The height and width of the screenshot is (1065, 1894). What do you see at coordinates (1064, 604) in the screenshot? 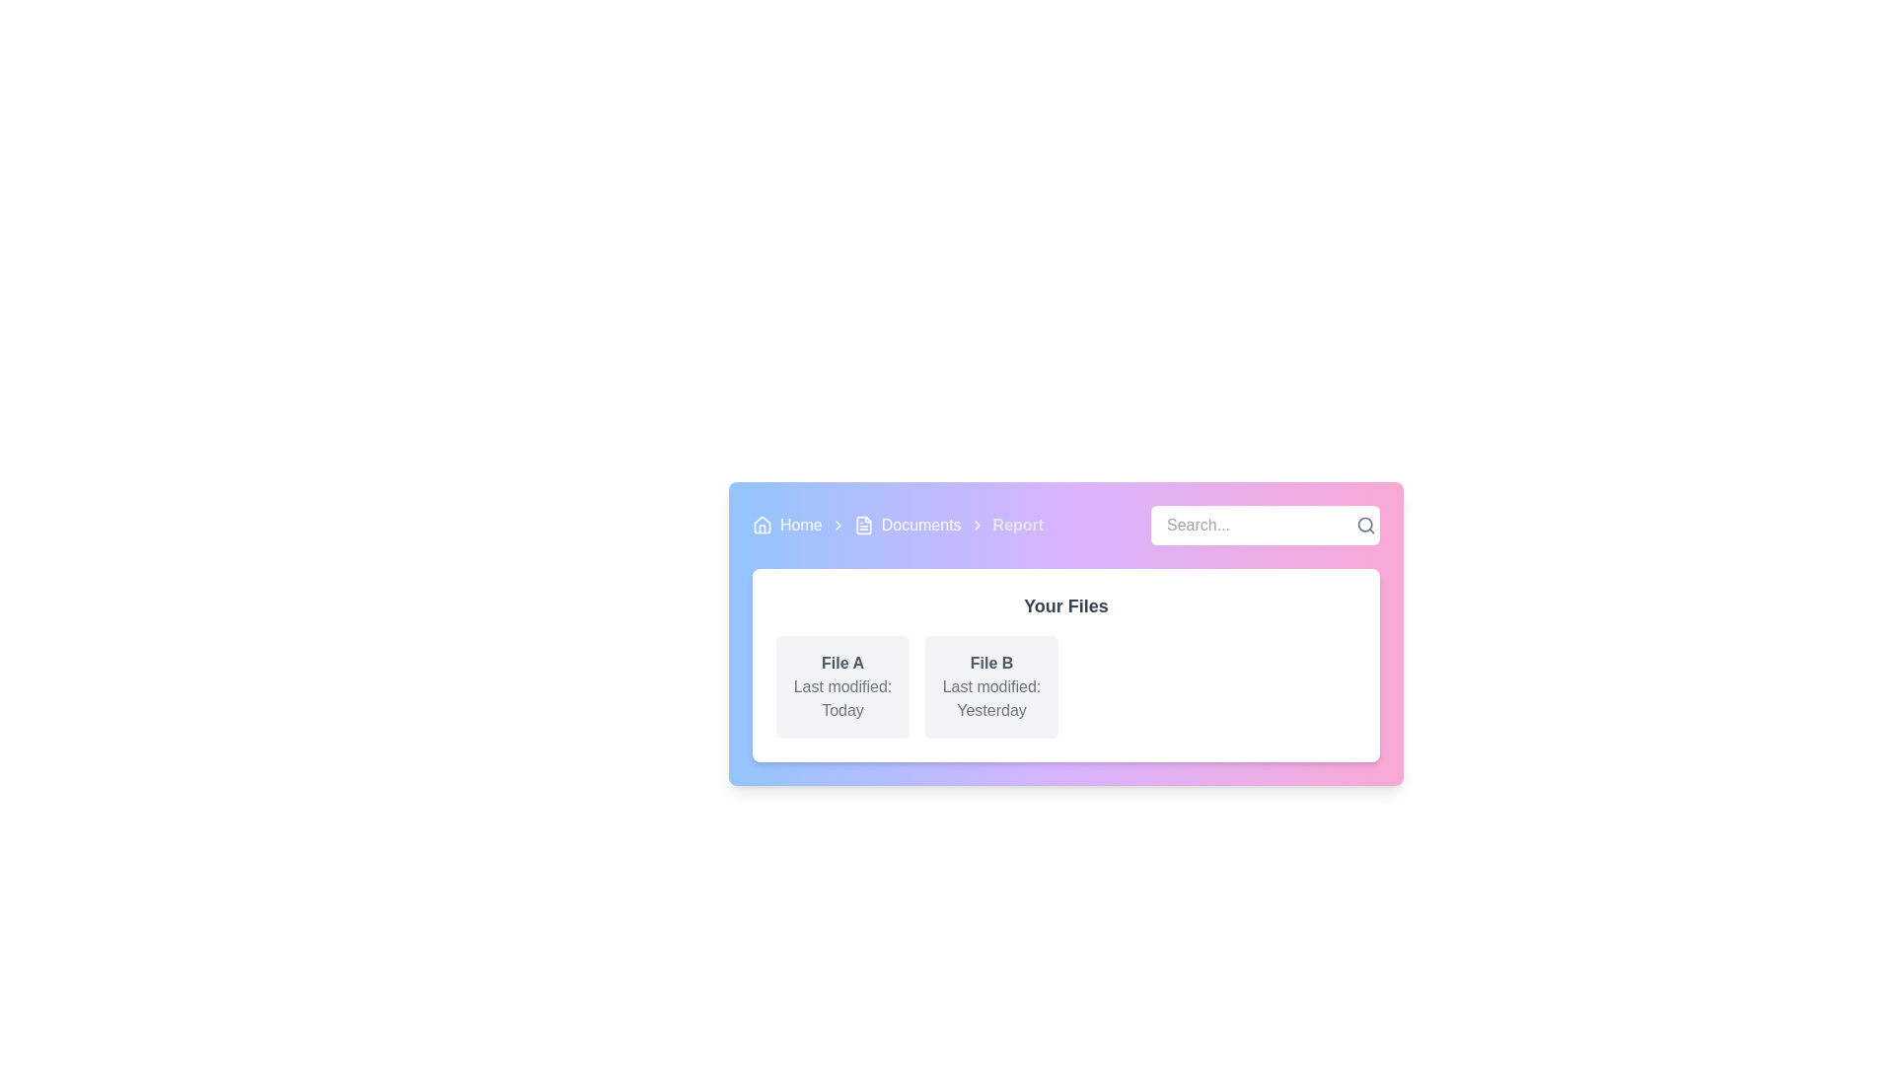
I see `the text label displaying 'Your Files', which is styled in bold gray font and positioned at the top of a white card, centered above 'File A' and 'File B'` at bounding box center [1064, 604].